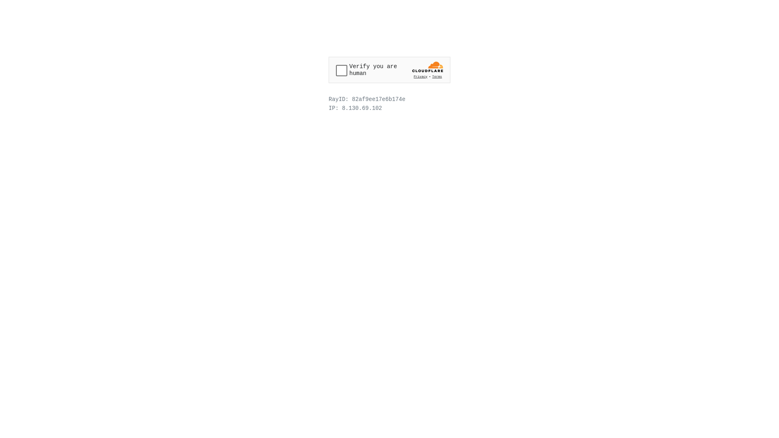  What do you see at coordinates (389, 69) in the screenshot?
I see `'Widget containing a Cloudflare security challenge'` at bounding box center [389, 69].